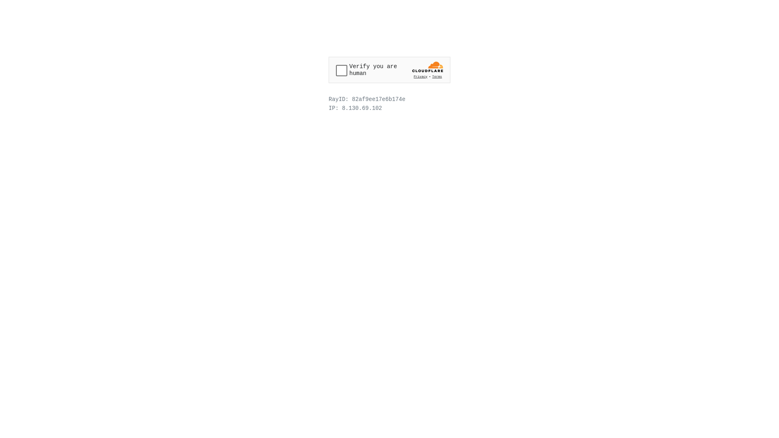  What do you see at coordinates (389, 69) in the screenshot?
I see `'Widget containing a Cloudflare security challenge'` at bounding box center [389, 69].